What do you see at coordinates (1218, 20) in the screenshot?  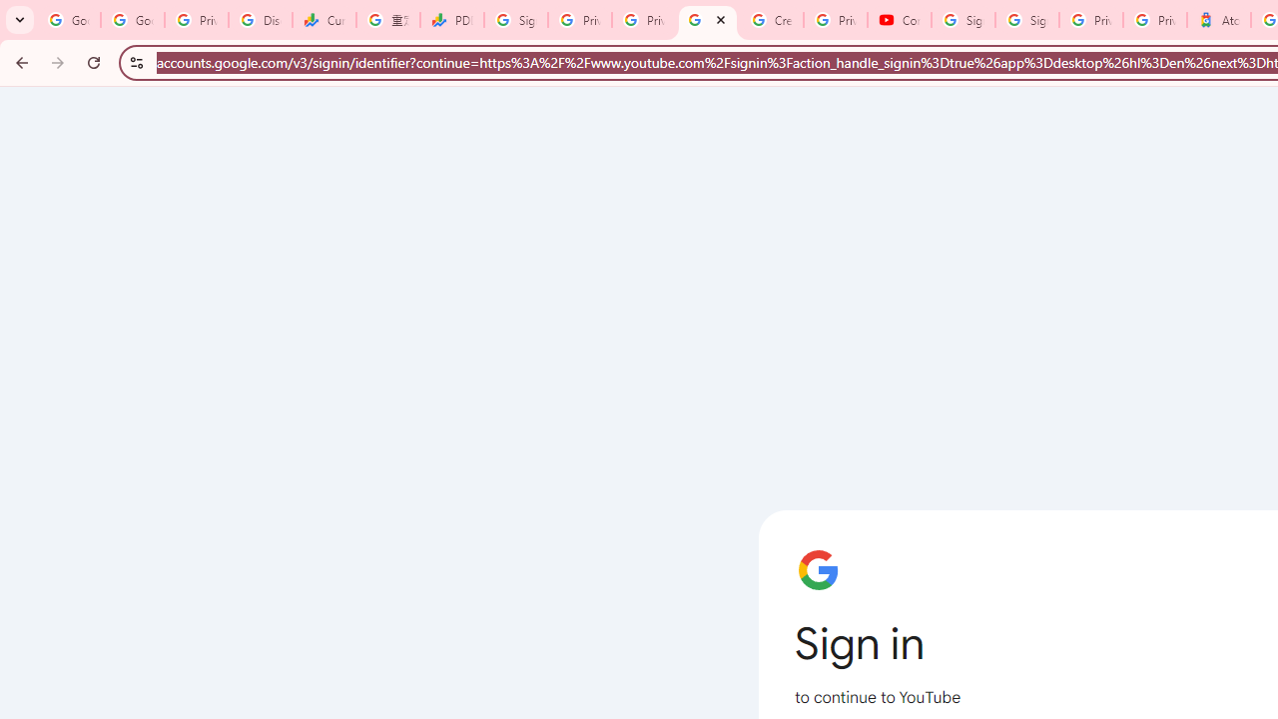 I see `'Atour Hotel - Google hotels'` at bounding box center [1218, 20].